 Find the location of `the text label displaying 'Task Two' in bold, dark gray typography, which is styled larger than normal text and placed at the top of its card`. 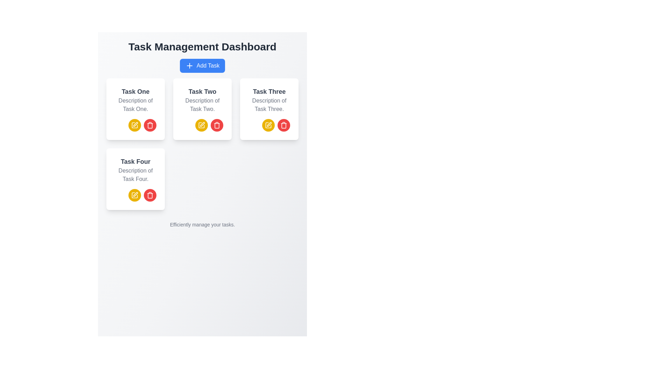

the text label displaying 'Task Two' in bold, dark gray typography, which is styled larger than normal text and placed at the top of its card is located at coordinates (202, 91).